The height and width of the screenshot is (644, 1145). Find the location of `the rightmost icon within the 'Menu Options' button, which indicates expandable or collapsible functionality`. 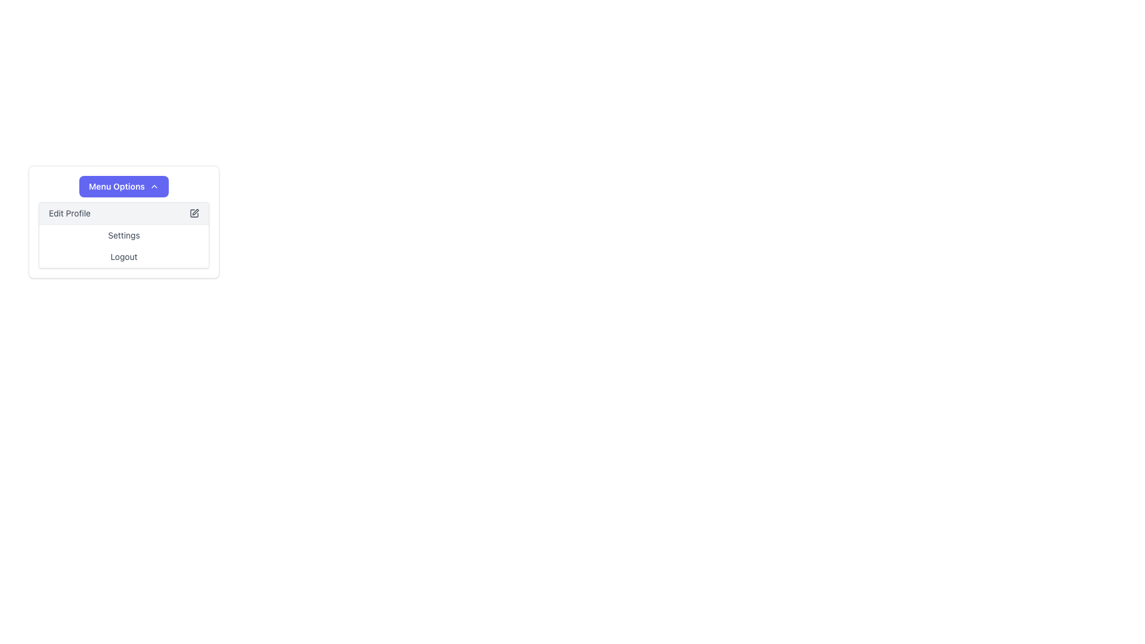

the rightmost icon within the 'Menu Options' button, which indicates expandable or collapsible functionality is located at coordinates (154, 186).